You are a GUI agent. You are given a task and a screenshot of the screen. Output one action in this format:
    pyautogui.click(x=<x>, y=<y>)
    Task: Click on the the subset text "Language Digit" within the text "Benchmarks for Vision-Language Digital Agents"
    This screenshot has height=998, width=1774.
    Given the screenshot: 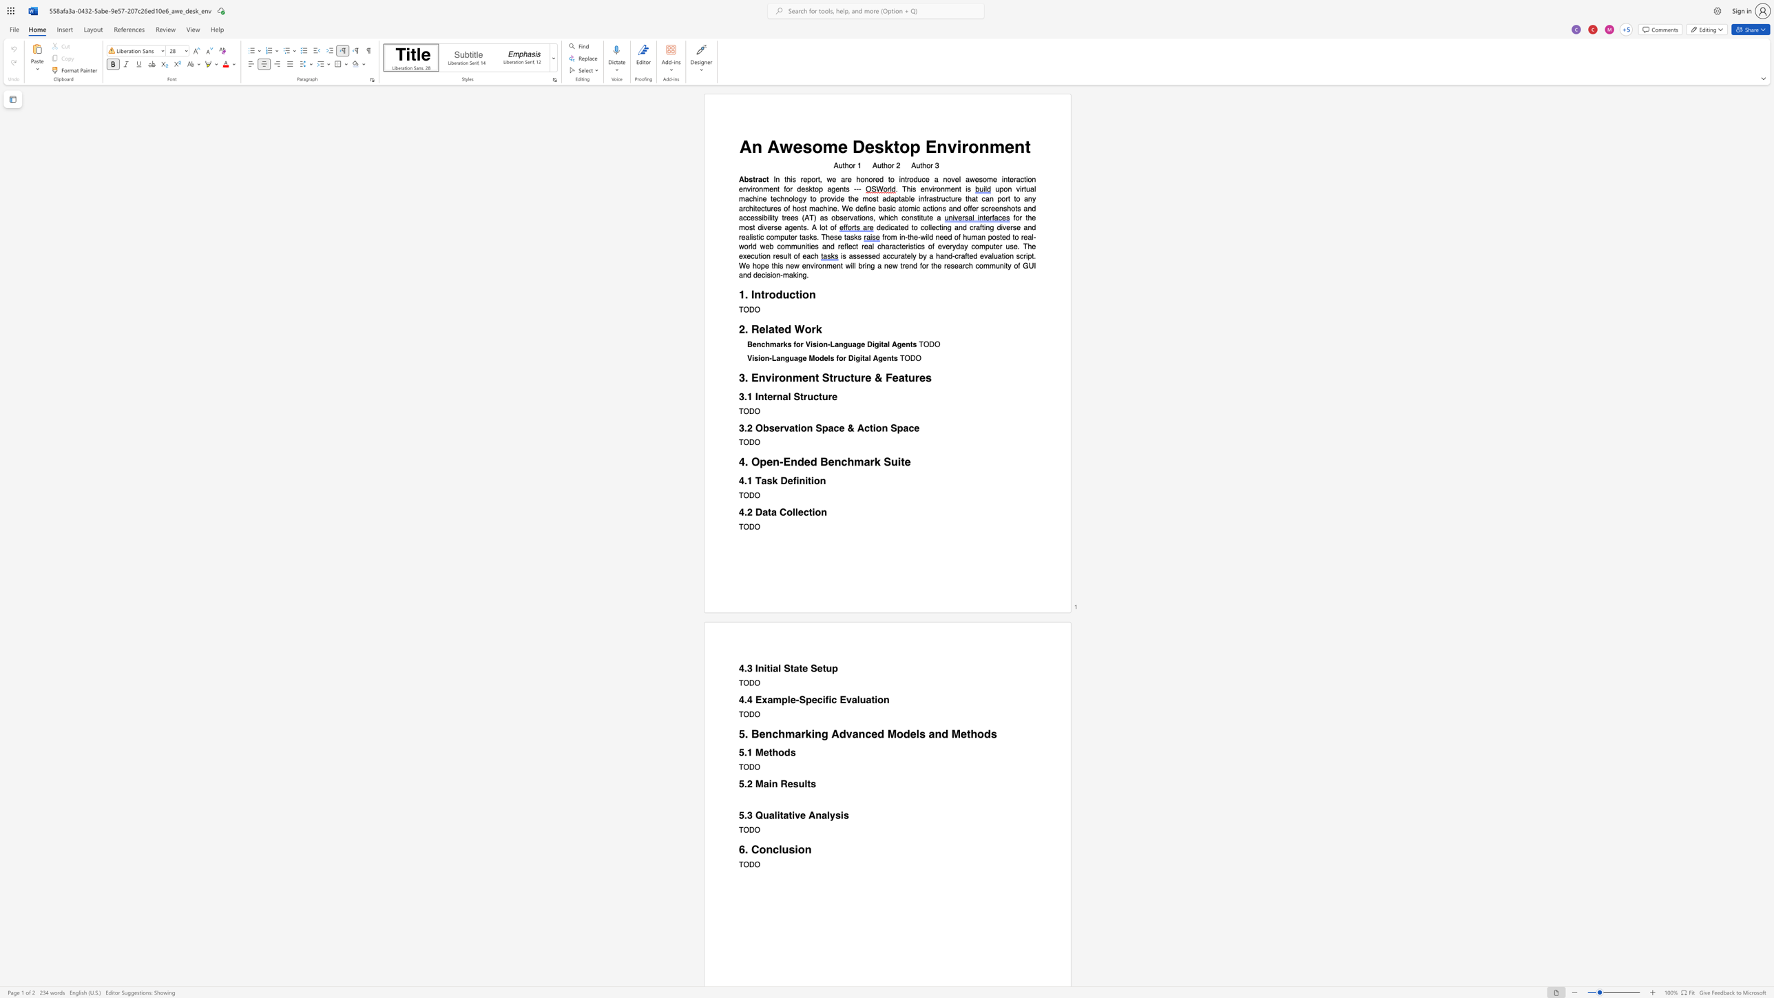 What is the action you would take?
    pyautogui.click(x=830, y=344)
    